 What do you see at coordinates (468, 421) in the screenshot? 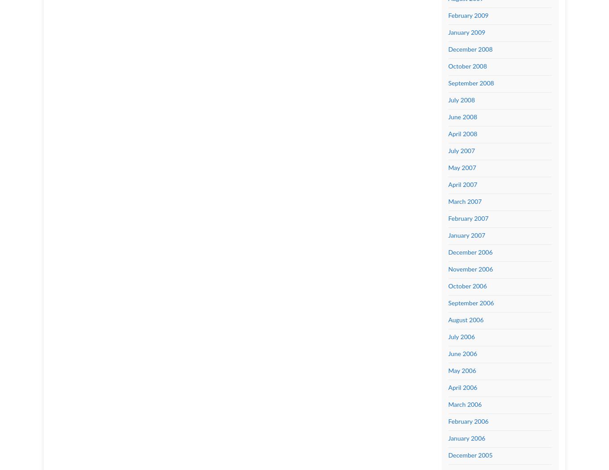
I see `'February 2006'` at bounding box center [468, 421].